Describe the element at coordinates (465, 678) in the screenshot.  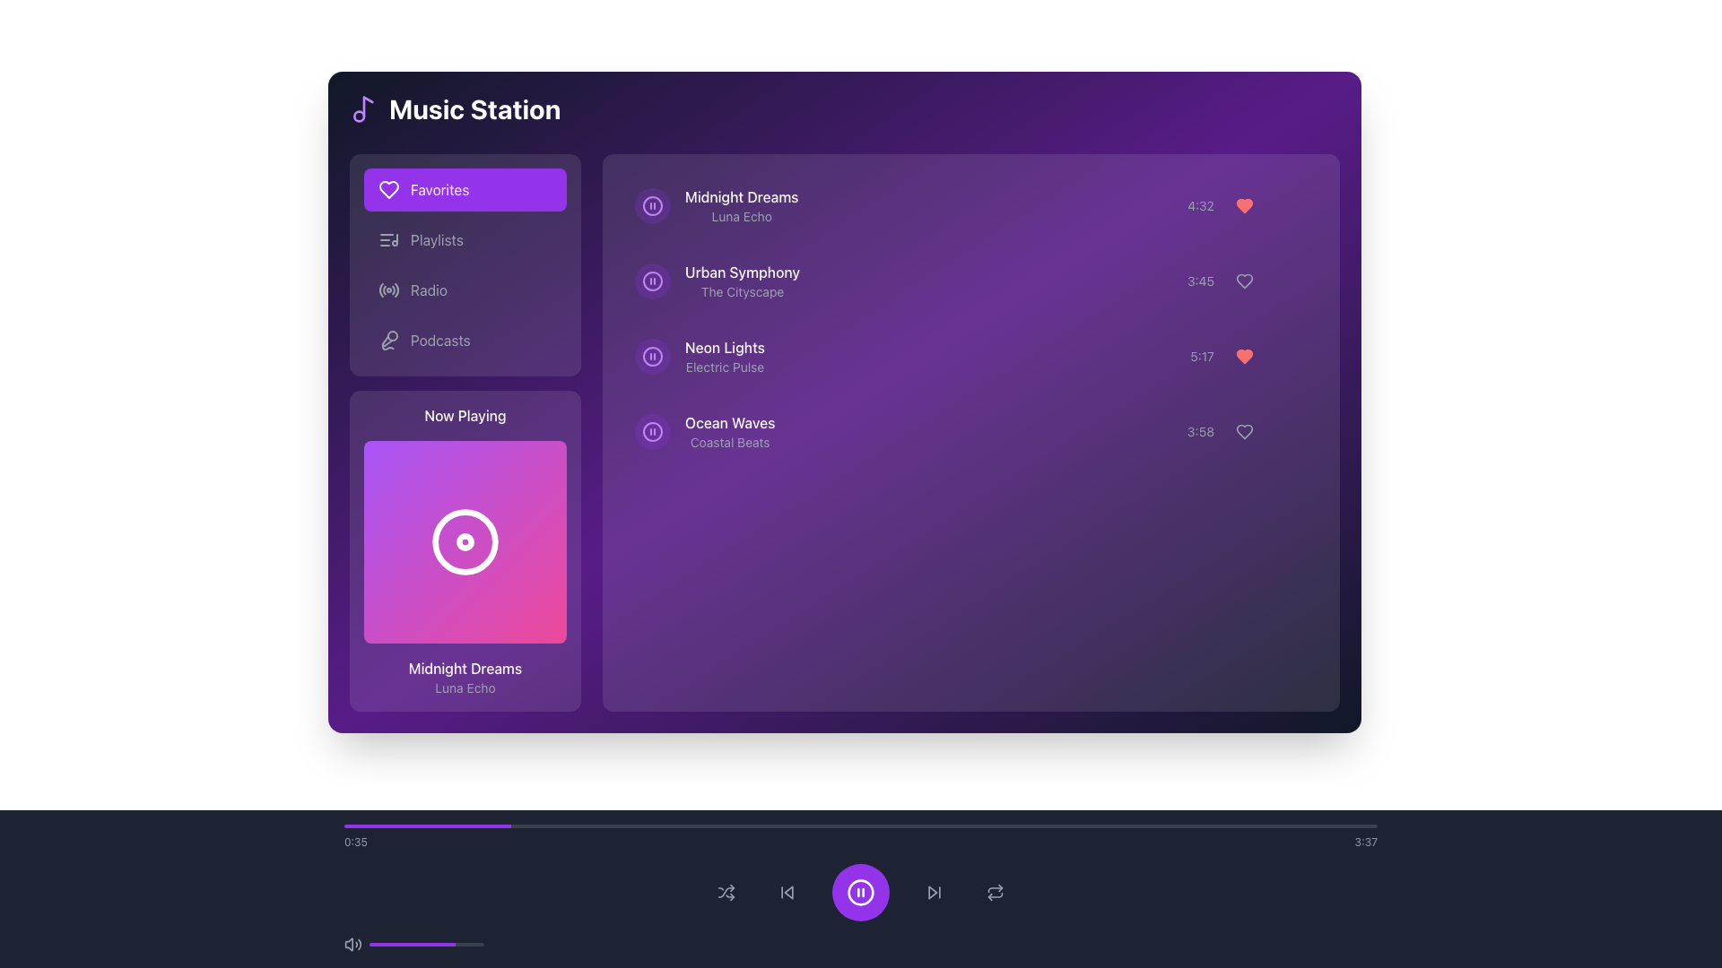
I see `the text display element showing 'Midnight Dreams' and 'Luna Echo' for reading` at that location.